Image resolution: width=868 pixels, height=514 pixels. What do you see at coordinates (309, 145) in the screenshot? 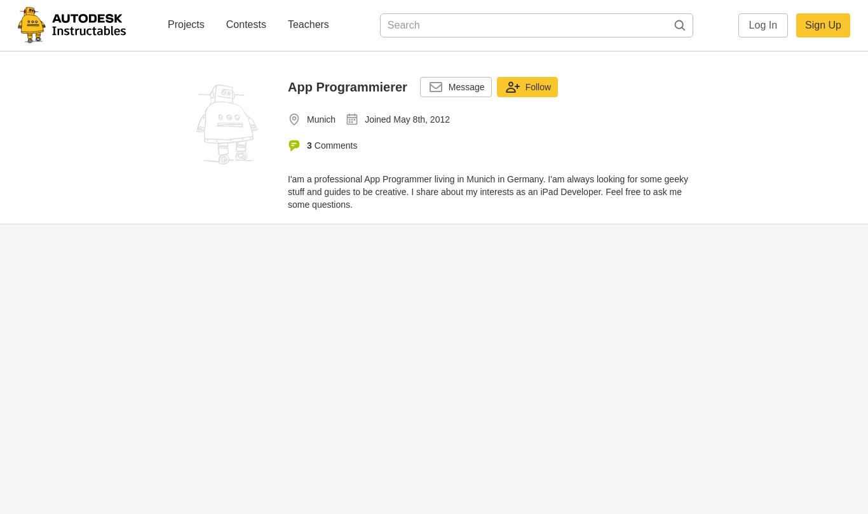
I see `'3'` at bounding box center [309, 145].